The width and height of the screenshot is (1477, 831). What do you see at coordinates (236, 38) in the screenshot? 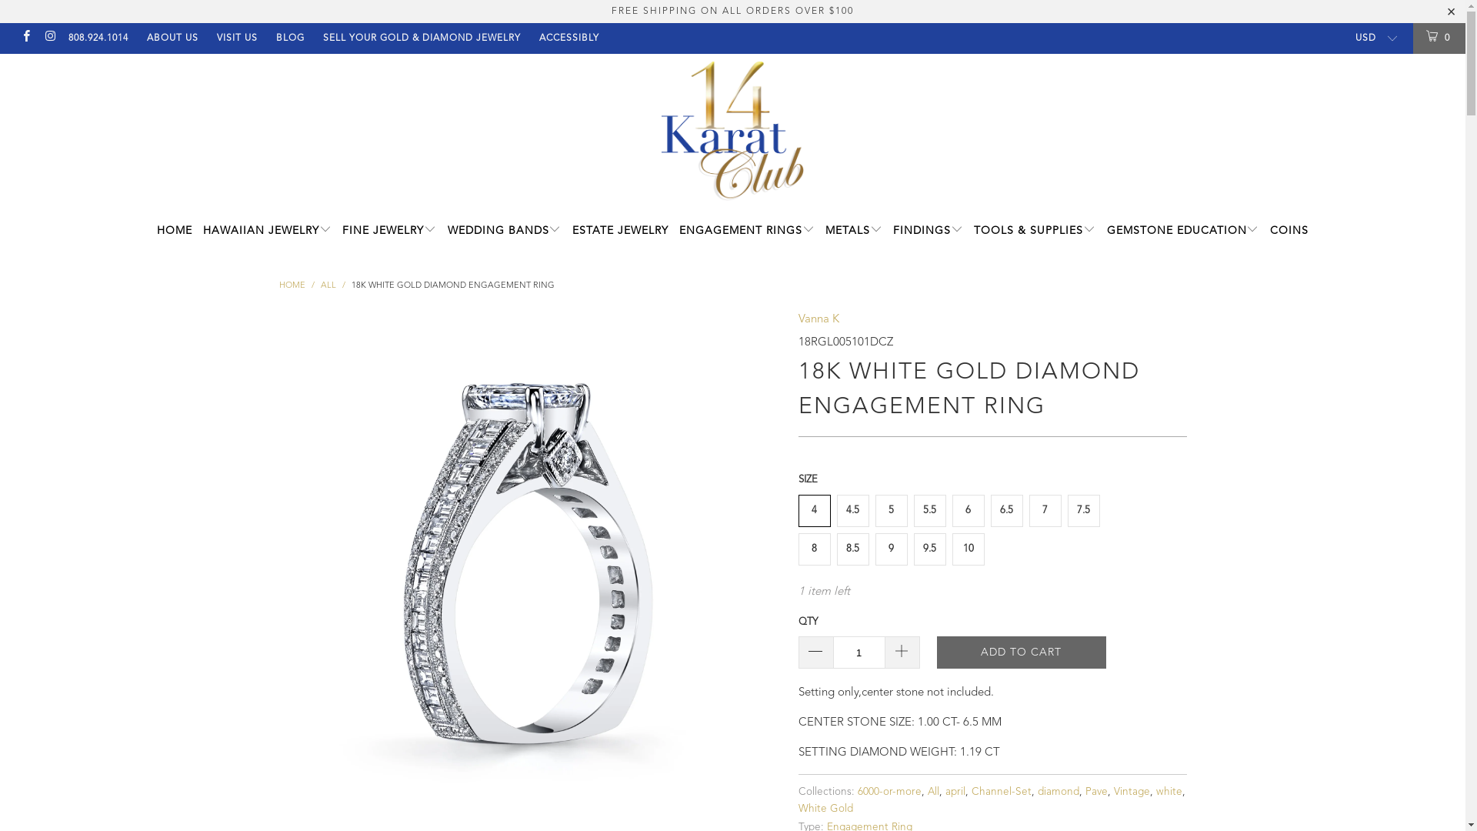
I see `'VISIT US'` at bounding box center [236, 38].